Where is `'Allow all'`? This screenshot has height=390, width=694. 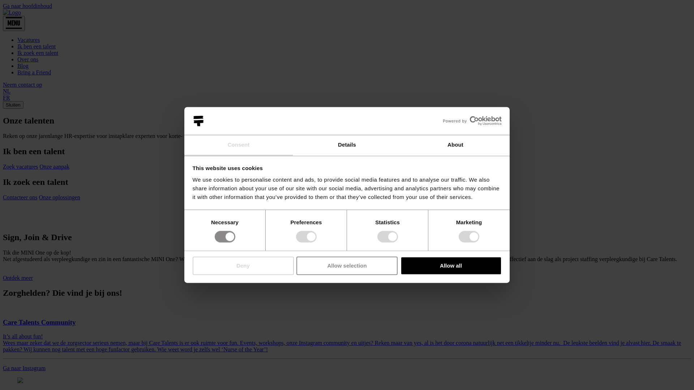
'Allow all' is located at coordinates (451, 265).